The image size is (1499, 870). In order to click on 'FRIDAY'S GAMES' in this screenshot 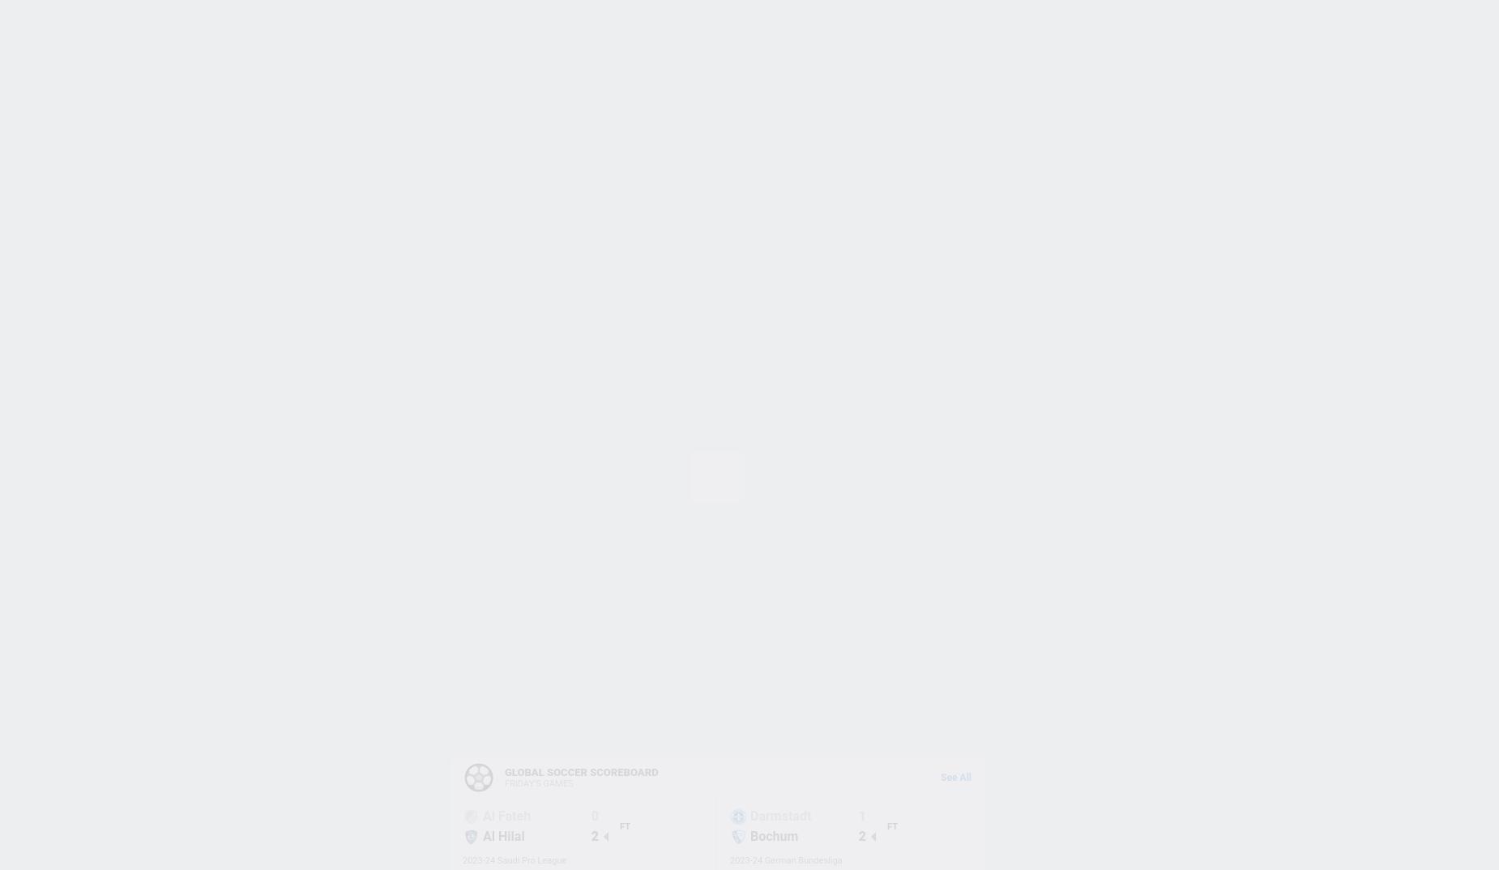, I will do `click(505, 783)`.